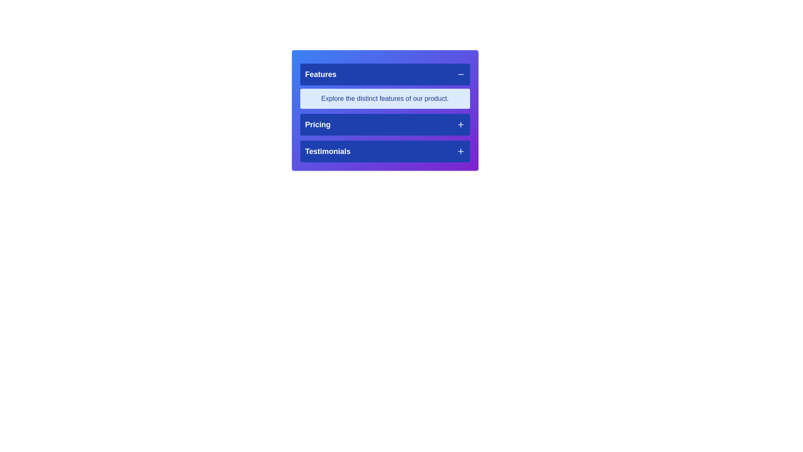 This screenshot has width=803, height=452. What do you see at coordinates (460, 152) in the screenshot?
I see `the Icon button located at the right end of the 'Testimonials' block` at bounding box center [460, 152].